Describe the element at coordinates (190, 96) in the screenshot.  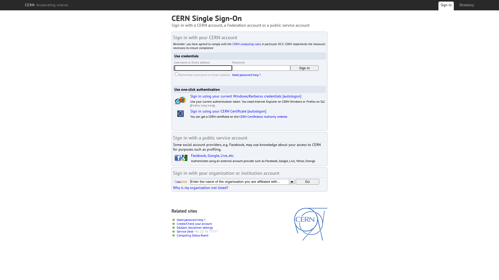
I see `'Sign in using your current Windows/Kerberos credentials'` at that location.